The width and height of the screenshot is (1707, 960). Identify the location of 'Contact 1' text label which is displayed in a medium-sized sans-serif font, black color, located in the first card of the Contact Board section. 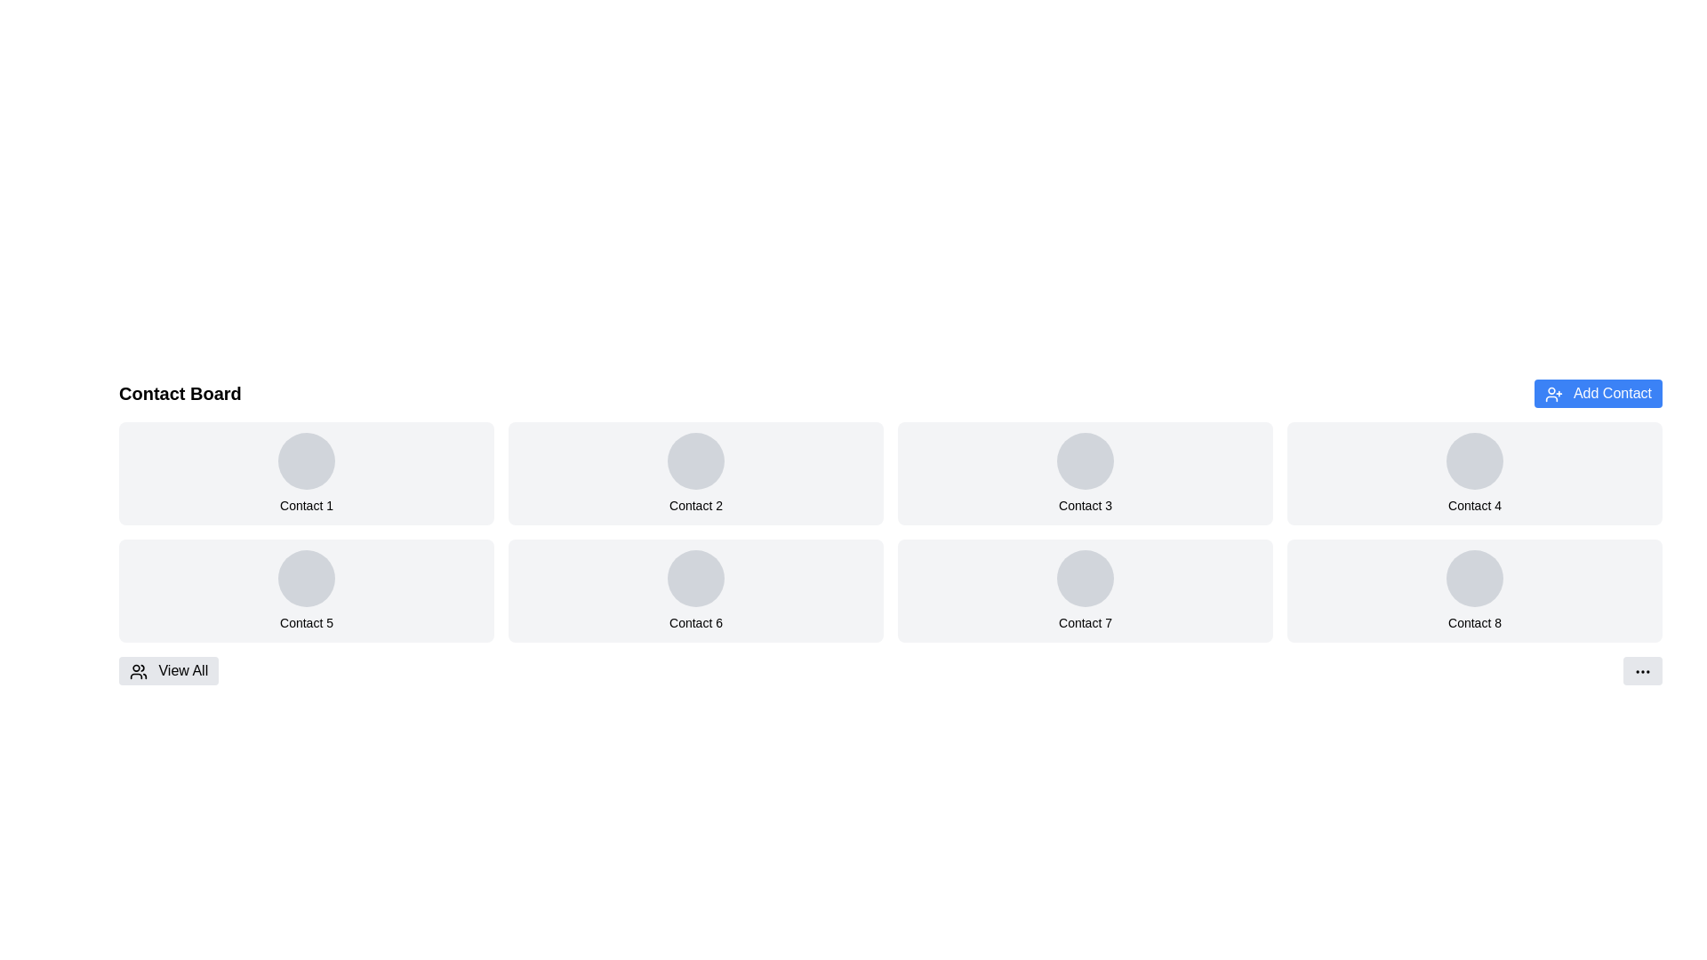
(307, 506).